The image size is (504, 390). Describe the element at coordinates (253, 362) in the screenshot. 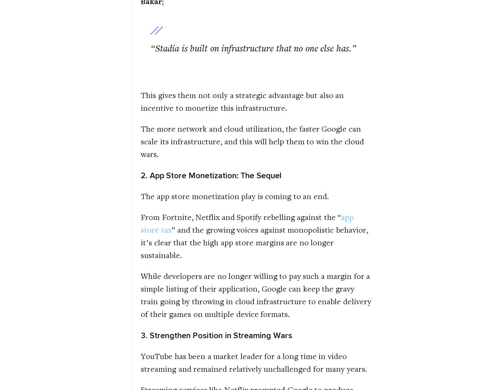

I see `'YouTube has been a market leader for a long time in video streaming and remained relatively unchallenged for many years.'` at that location.